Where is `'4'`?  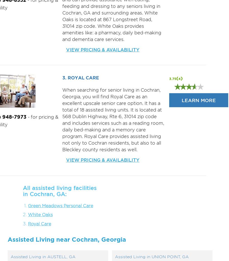 '4' is located at coordinates (179, 79).